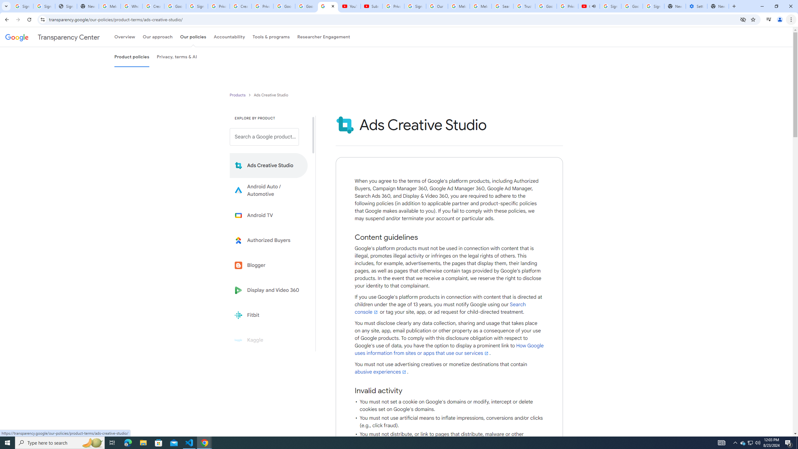  I want to click on 'Trusted Information and Content - Google Safety Center', so click(524, 6).